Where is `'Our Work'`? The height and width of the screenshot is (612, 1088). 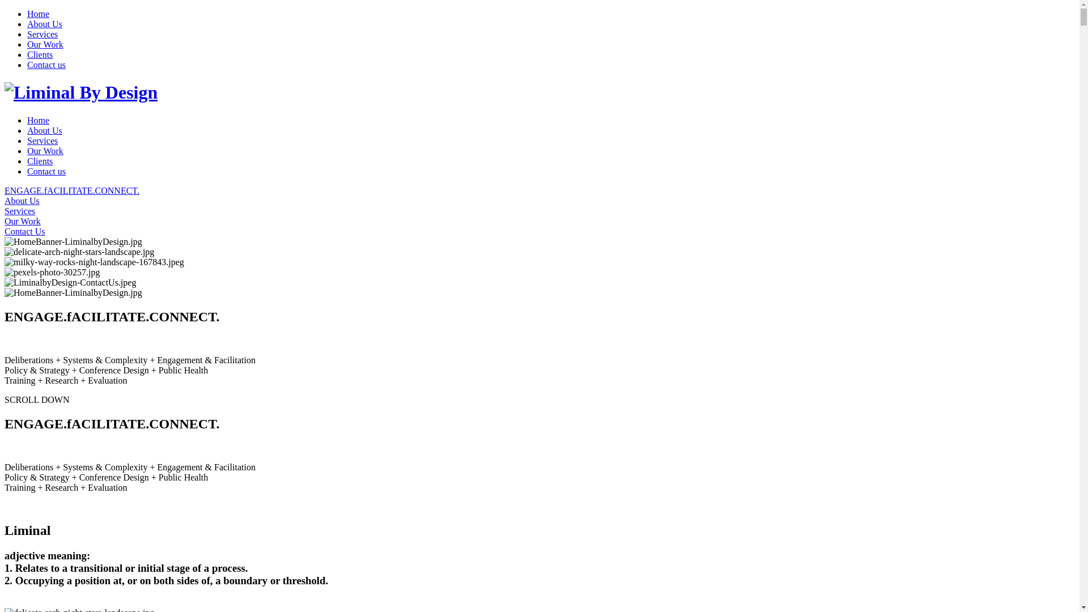
'Our Work' is located at coordinates (45, 44).